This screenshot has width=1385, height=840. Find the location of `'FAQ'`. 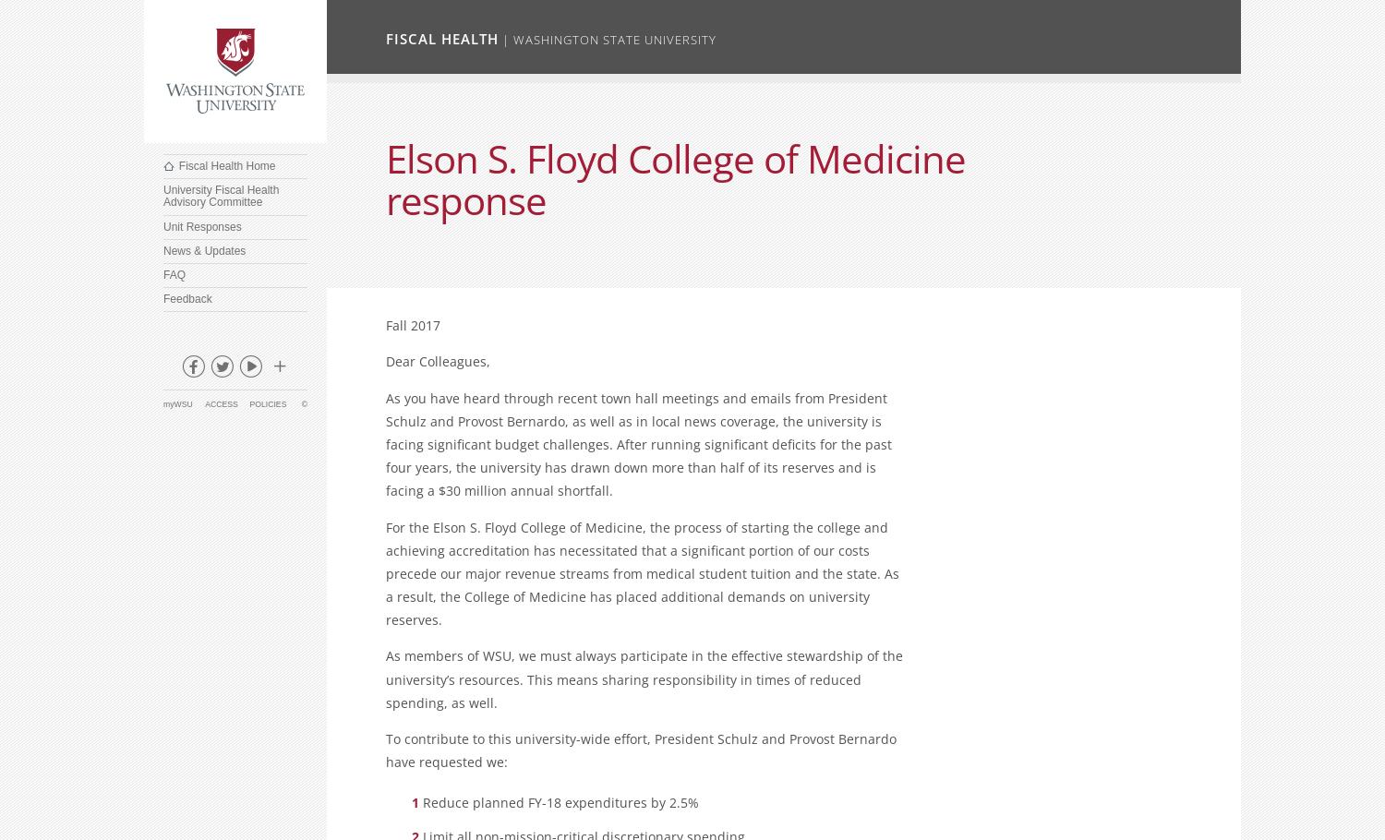

'FAQ' is located at coordinates (174, 274).